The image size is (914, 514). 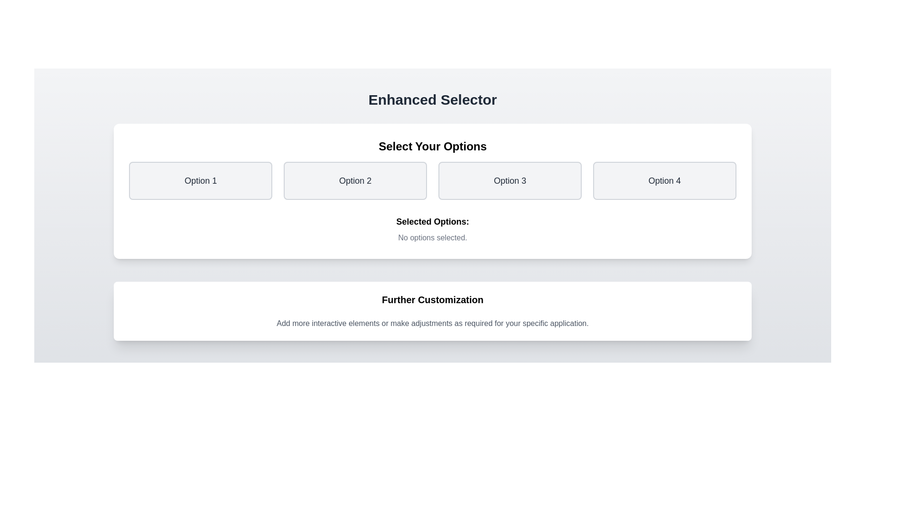 What do you see at coordinates (509, 181) in the screenshot?
I see `the option Option 3` at bounding box center [509, 181].